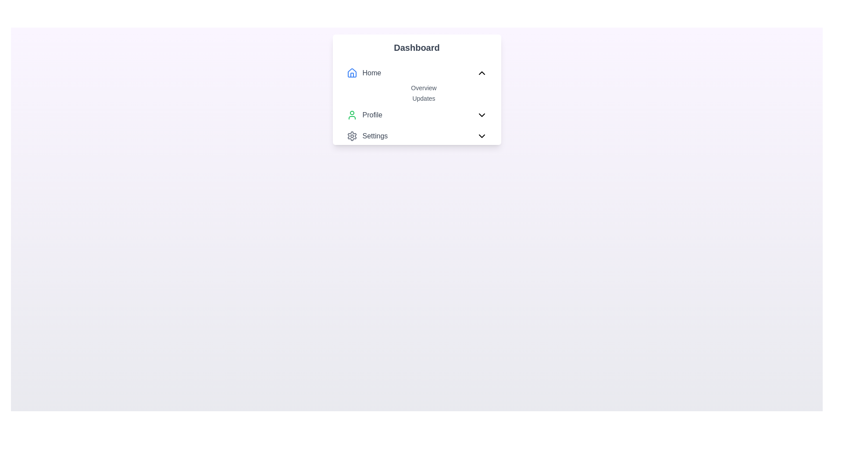 This screenshot has height=473, width=842. What do you see at coordinates (481, 136) in the screenshot?
I see `the black downward-pointing chevron icon with rounded edges, located at the far right of the 'Settings' label in the Dashboard section` at bounding box center [481, 136].